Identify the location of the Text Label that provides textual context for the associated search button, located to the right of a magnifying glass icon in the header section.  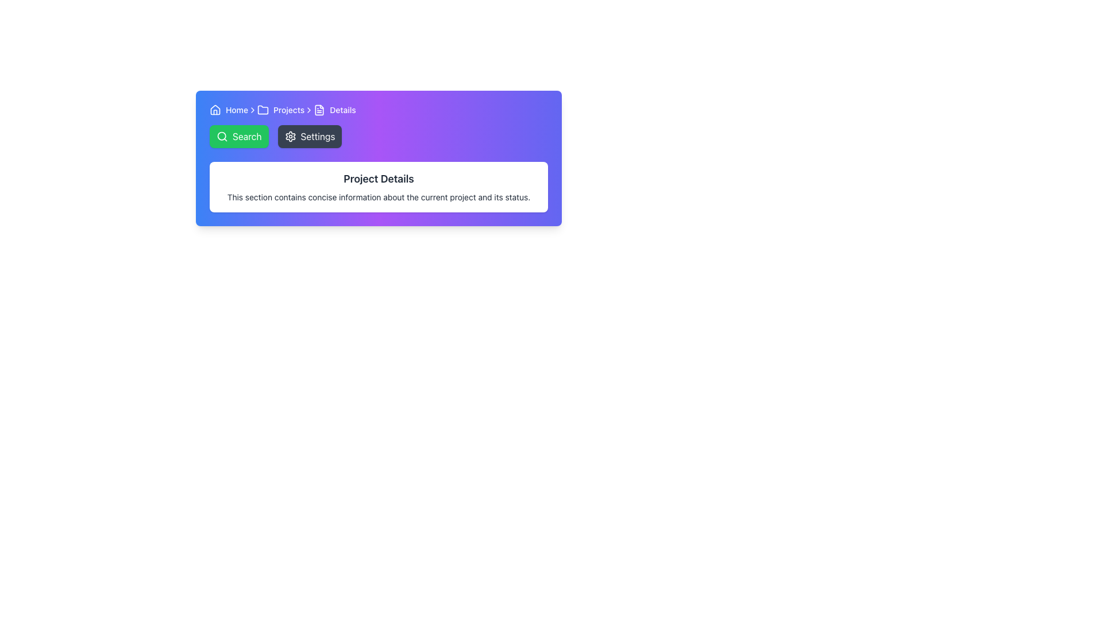
(246, 136).